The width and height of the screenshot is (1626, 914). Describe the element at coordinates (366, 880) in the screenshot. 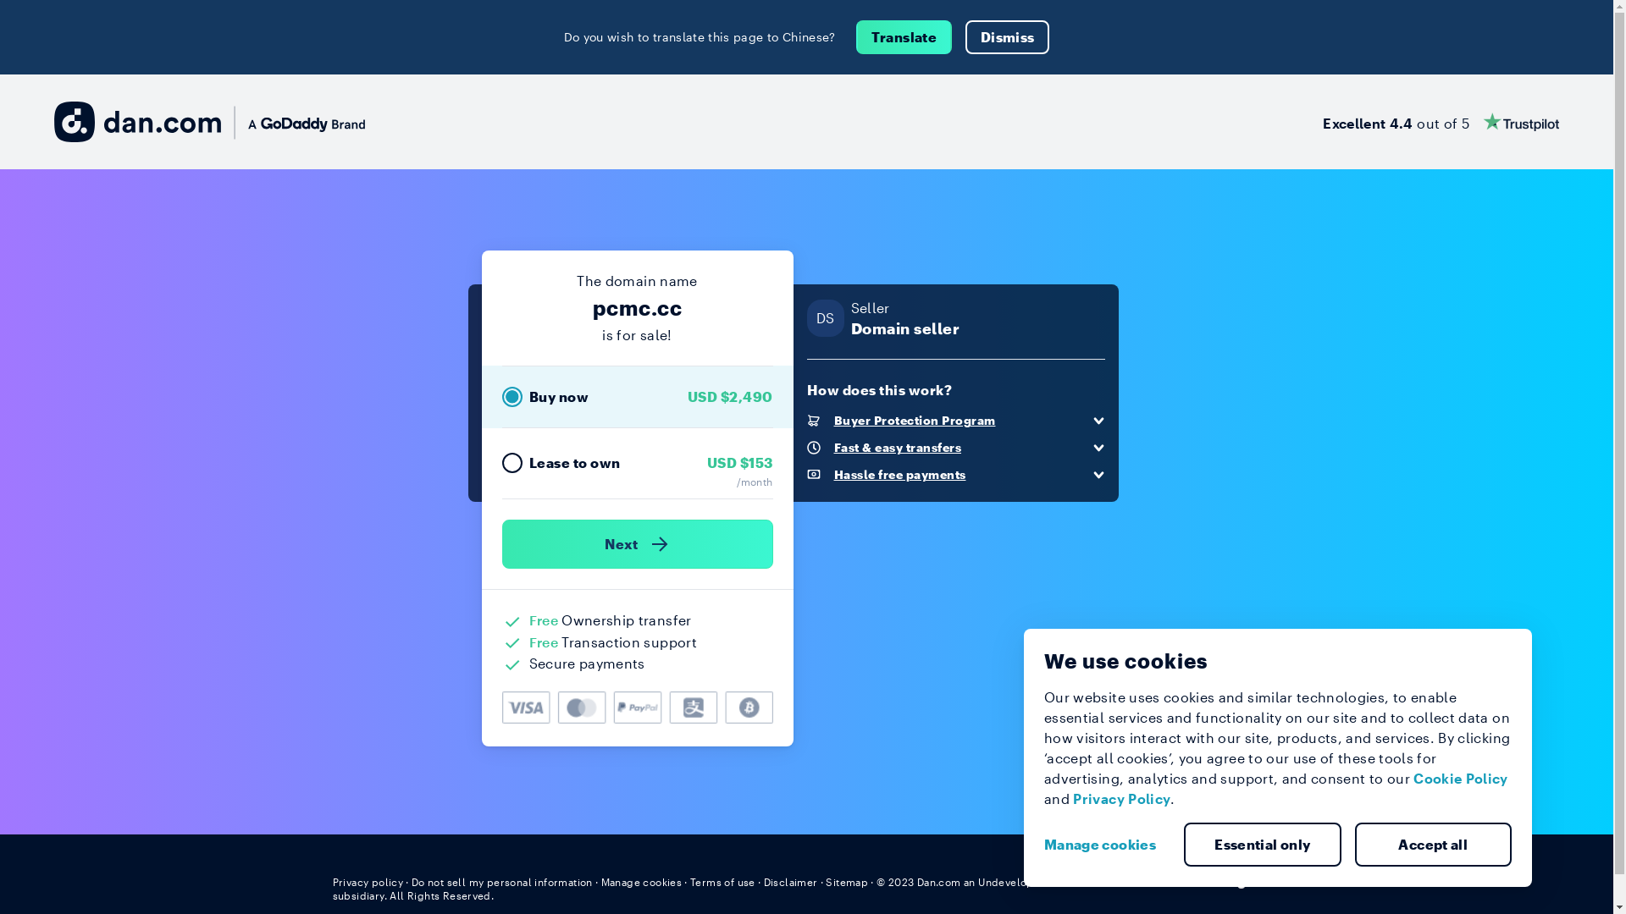

I see `'Privacy policy'` at that location.